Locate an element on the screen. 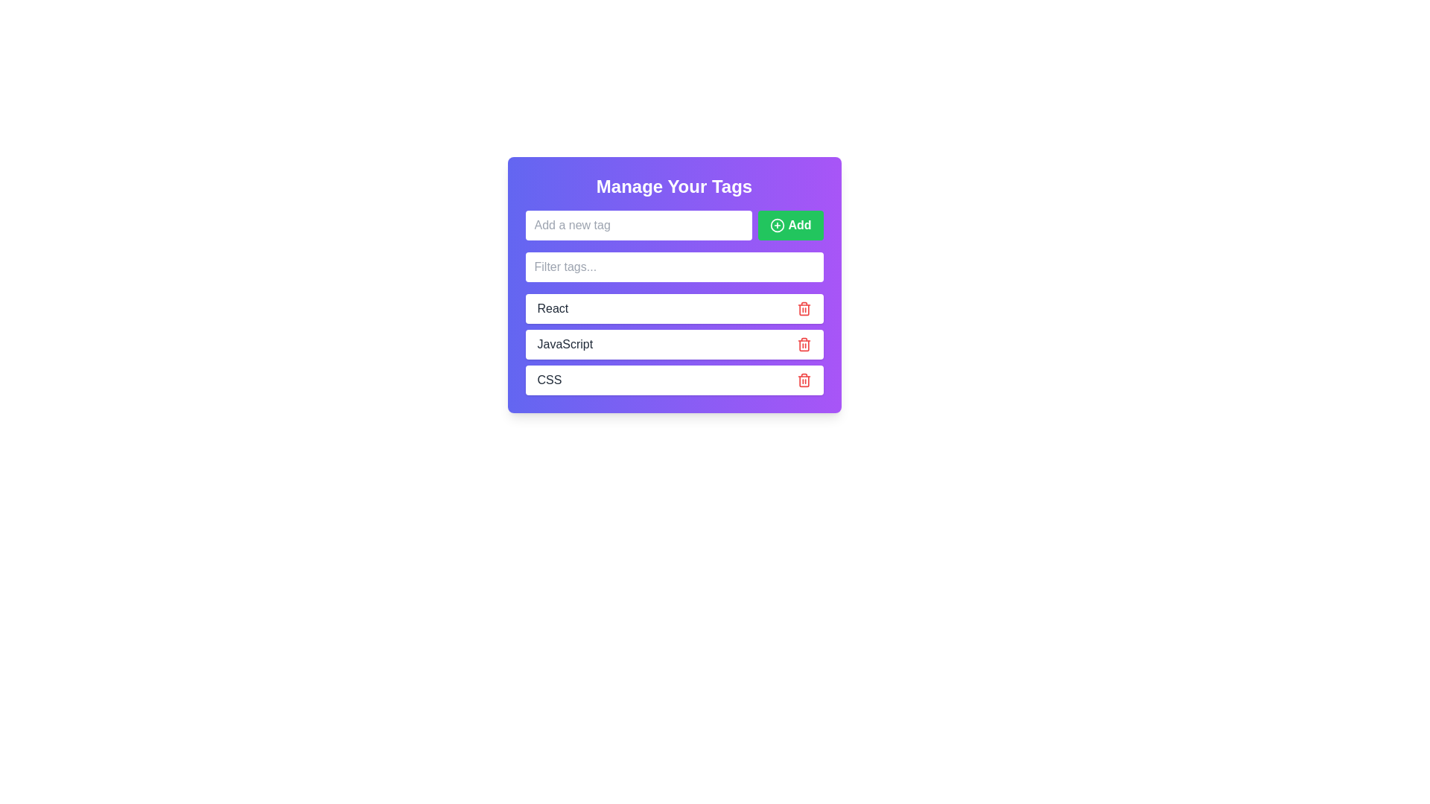 Image resolution: width=1430 pixels, height=804 pixels. the trash bin icon button located in the top-right corner of the row containing the text 'React' is located at coordinates (803, 308).